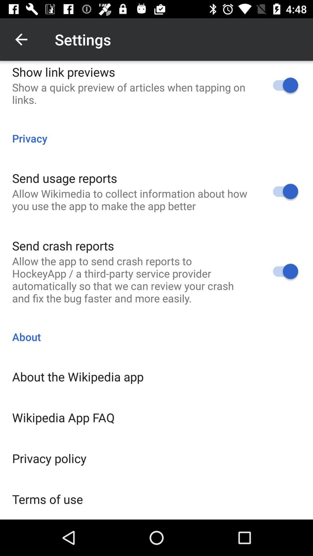 The width and height of the screenshot is (313, 556). Describe the element at coordinates (21, 39) in the screenshot. I see `icon above show link previews` at that location.